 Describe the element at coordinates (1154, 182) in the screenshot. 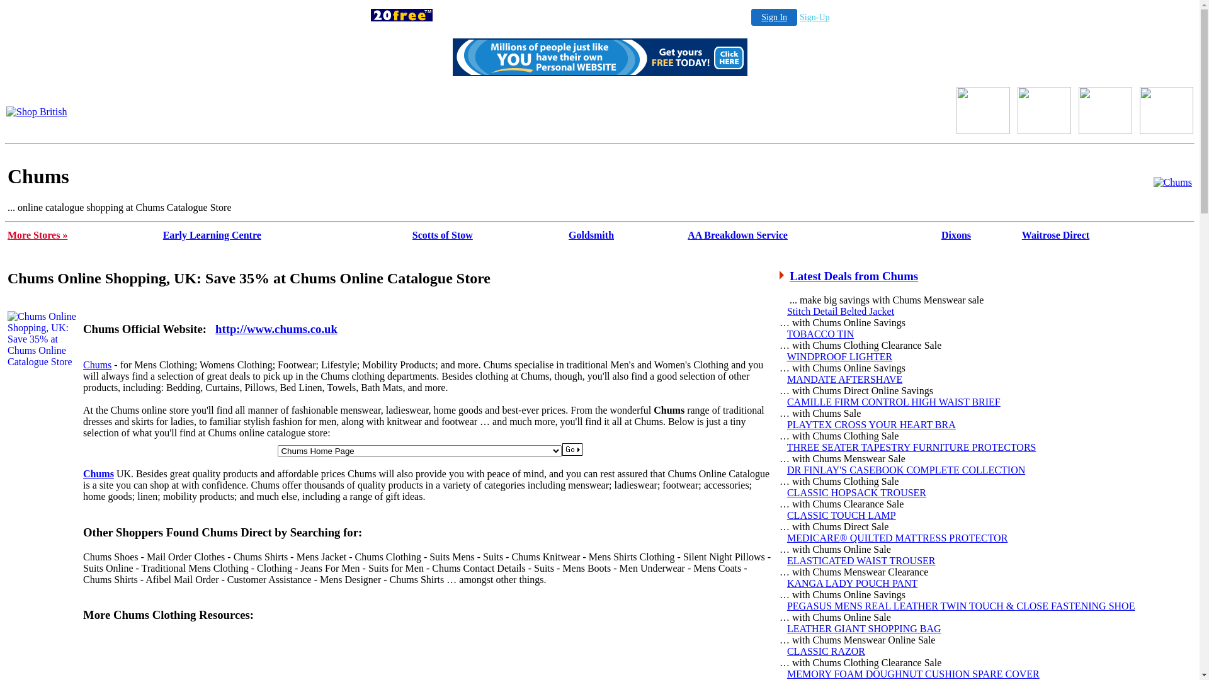

I see `'Chums'` at that location.